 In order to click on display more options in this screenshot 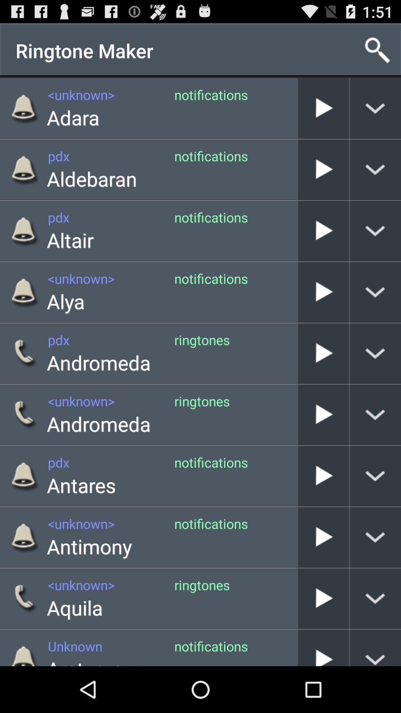, I will do `click(375, 598)`.